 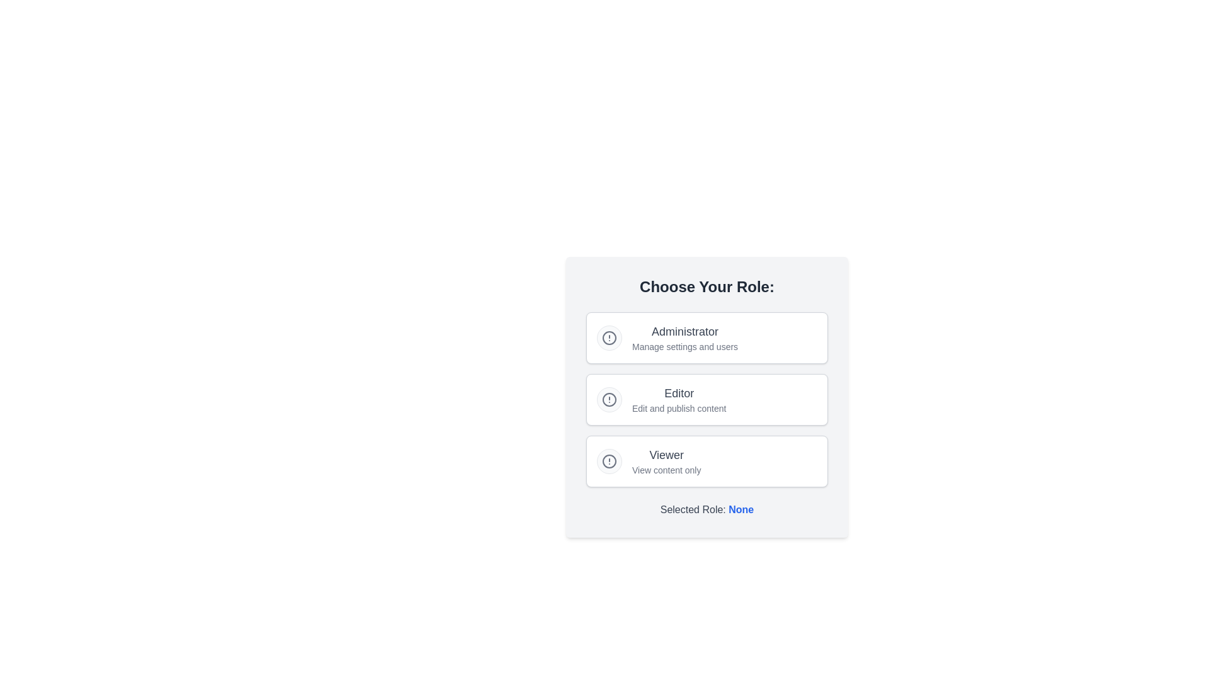 What do you see at coordinates (678, 392) in the screenshot?
I see `the Text Label that serves as a title for the 'Editor' role in the role selection interface, positioned above 'Edit and publish content.'` at bounding box center [678, 392].